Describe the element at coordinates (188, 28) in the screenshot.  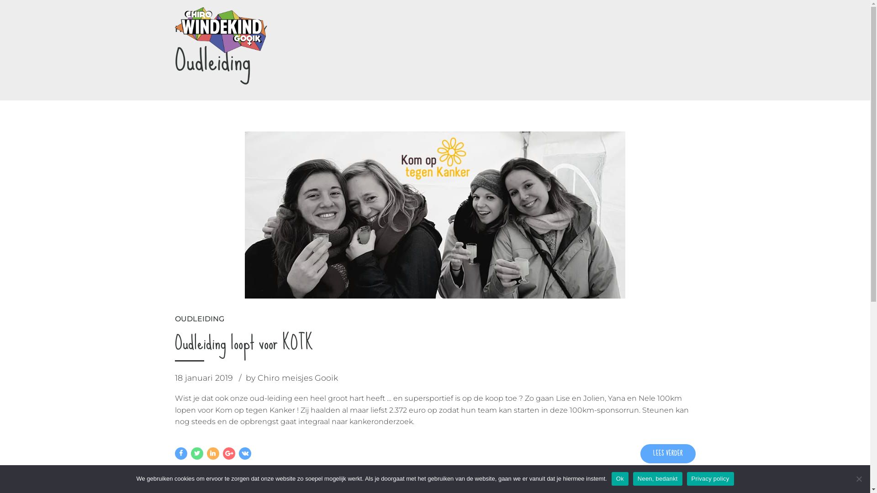
I see `'HOME'` at that location.